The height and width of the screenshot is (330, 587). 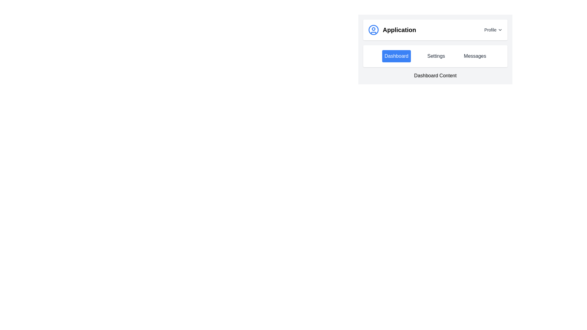 I want to click on the 'Settings' button, which is the second button in a horizontal navigation bar beneath the application's header, so click(x=436, y=56).